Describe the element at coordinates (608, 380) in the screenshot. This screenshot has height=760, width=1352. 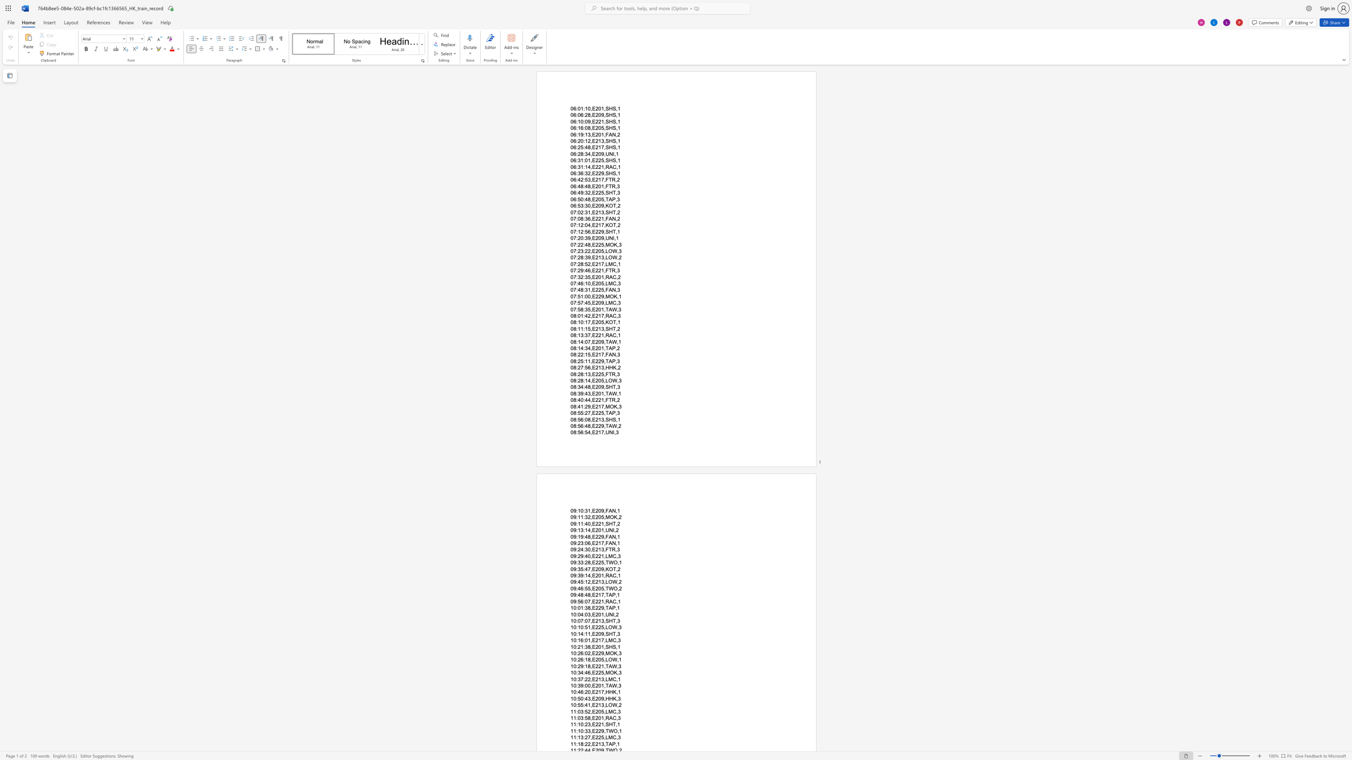
I see `the subset text "OW," within the text "08:28:14,E205,LOW,3"` at that location.